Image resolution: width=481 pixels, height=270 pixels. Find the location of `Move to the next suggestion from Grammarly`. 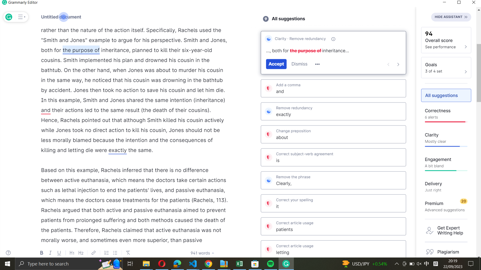

Move to the next suggestion from Grammarly is located at coordinates (398, 64).